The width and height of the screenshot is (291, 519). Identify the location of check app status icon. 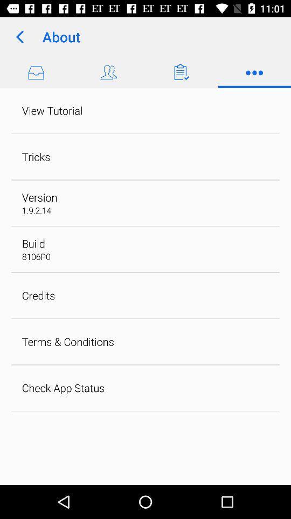
(63, 388).